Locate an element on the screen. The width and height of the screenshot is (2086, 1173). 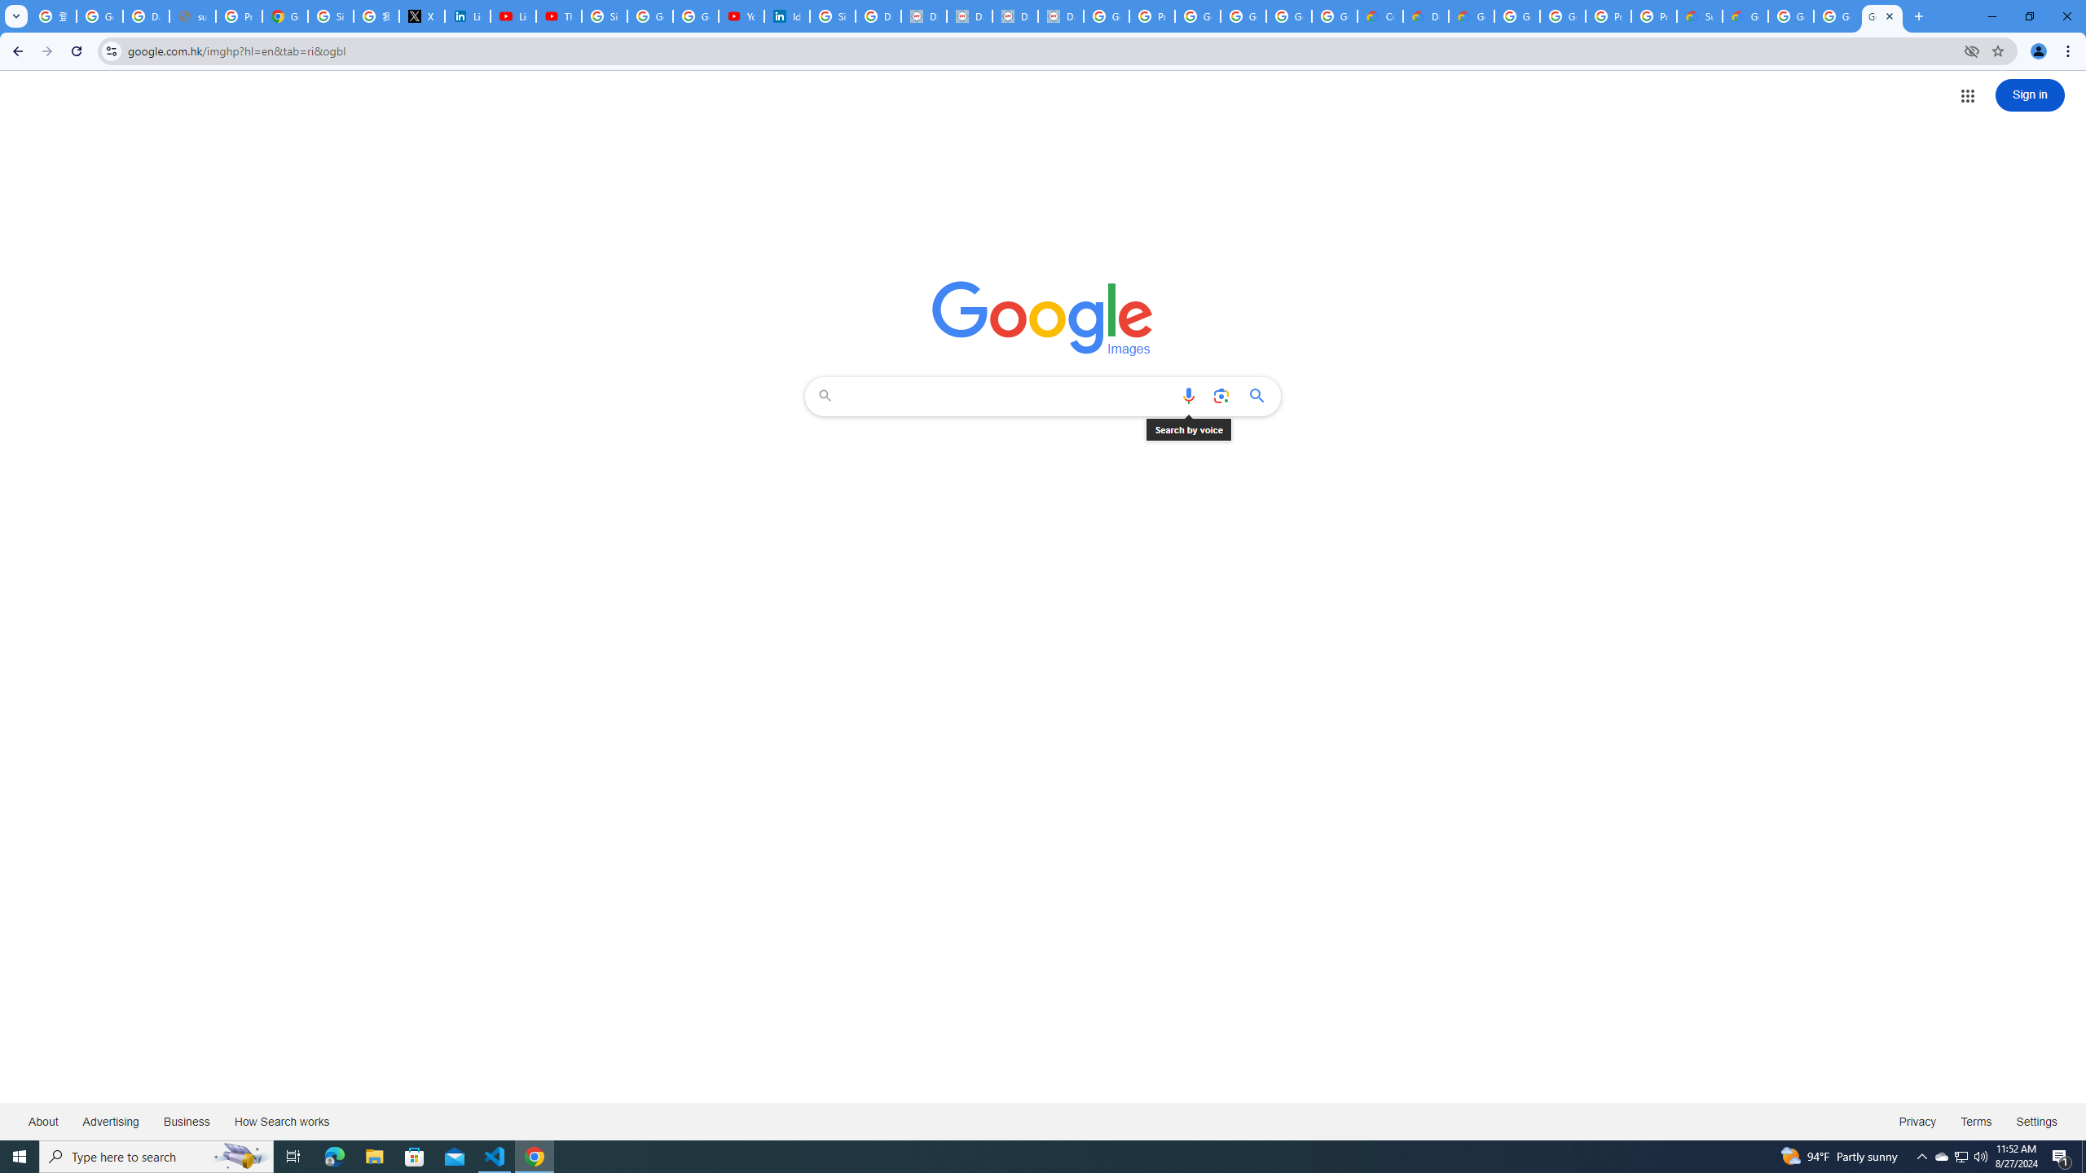
'X' is located at coordinates (421, 15).